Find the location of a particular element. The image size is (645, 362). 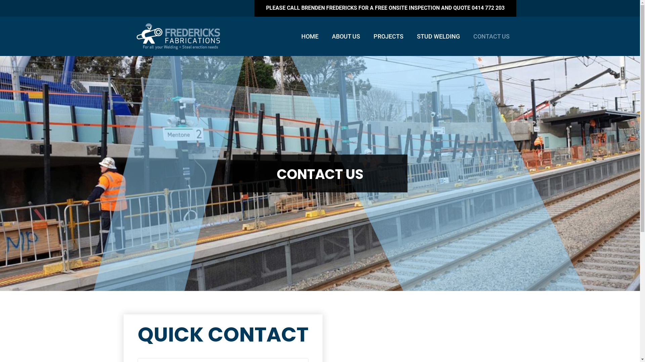

'HOME' is located at coordinates (295, 36).